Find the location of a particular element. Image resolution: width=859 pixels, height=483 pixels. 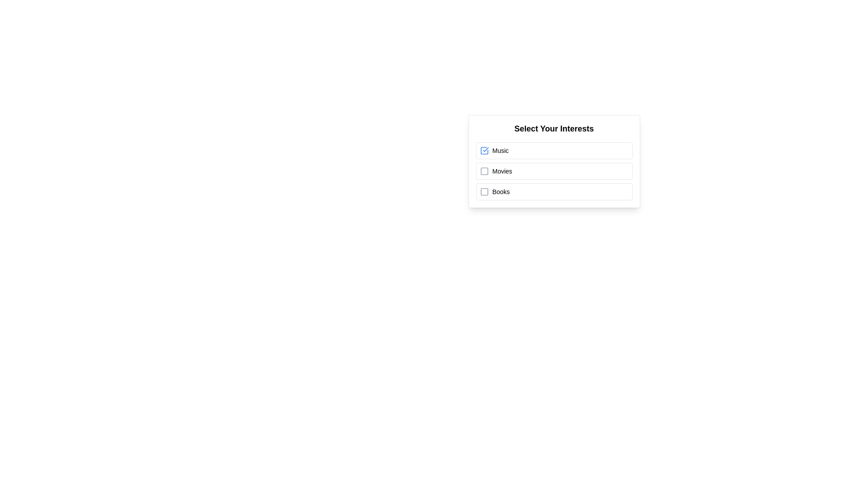

the 'Movies' label in the checkbox selection form, which is positioned below the 'Music' option and above the 'Books' option is located at coordinates (502, 171).